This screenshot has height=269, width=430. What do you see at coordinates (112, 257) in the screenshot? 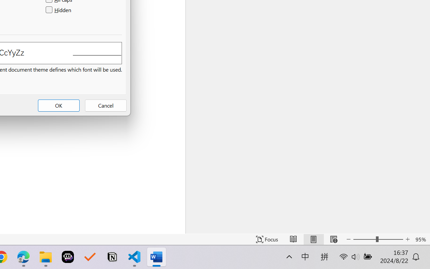
I see `'Notion'` at bounding box center [112, 257].